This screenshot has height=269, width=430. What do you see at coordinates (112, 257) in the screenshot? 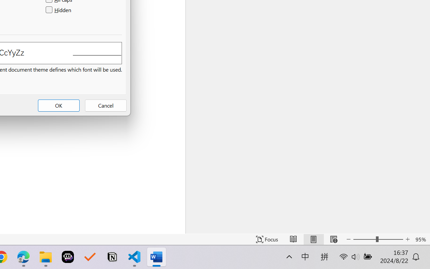
I see `'Notion'` at bounding box center [112, 257].